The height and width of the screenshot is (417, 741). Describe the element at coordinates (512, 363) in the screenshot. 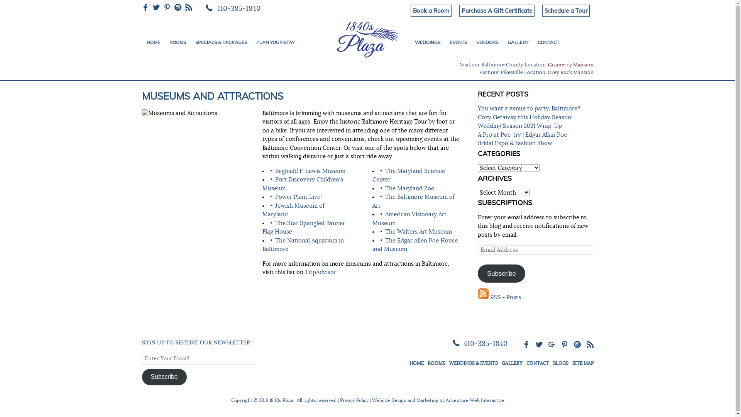

I see `'GALLERY'` at that location.